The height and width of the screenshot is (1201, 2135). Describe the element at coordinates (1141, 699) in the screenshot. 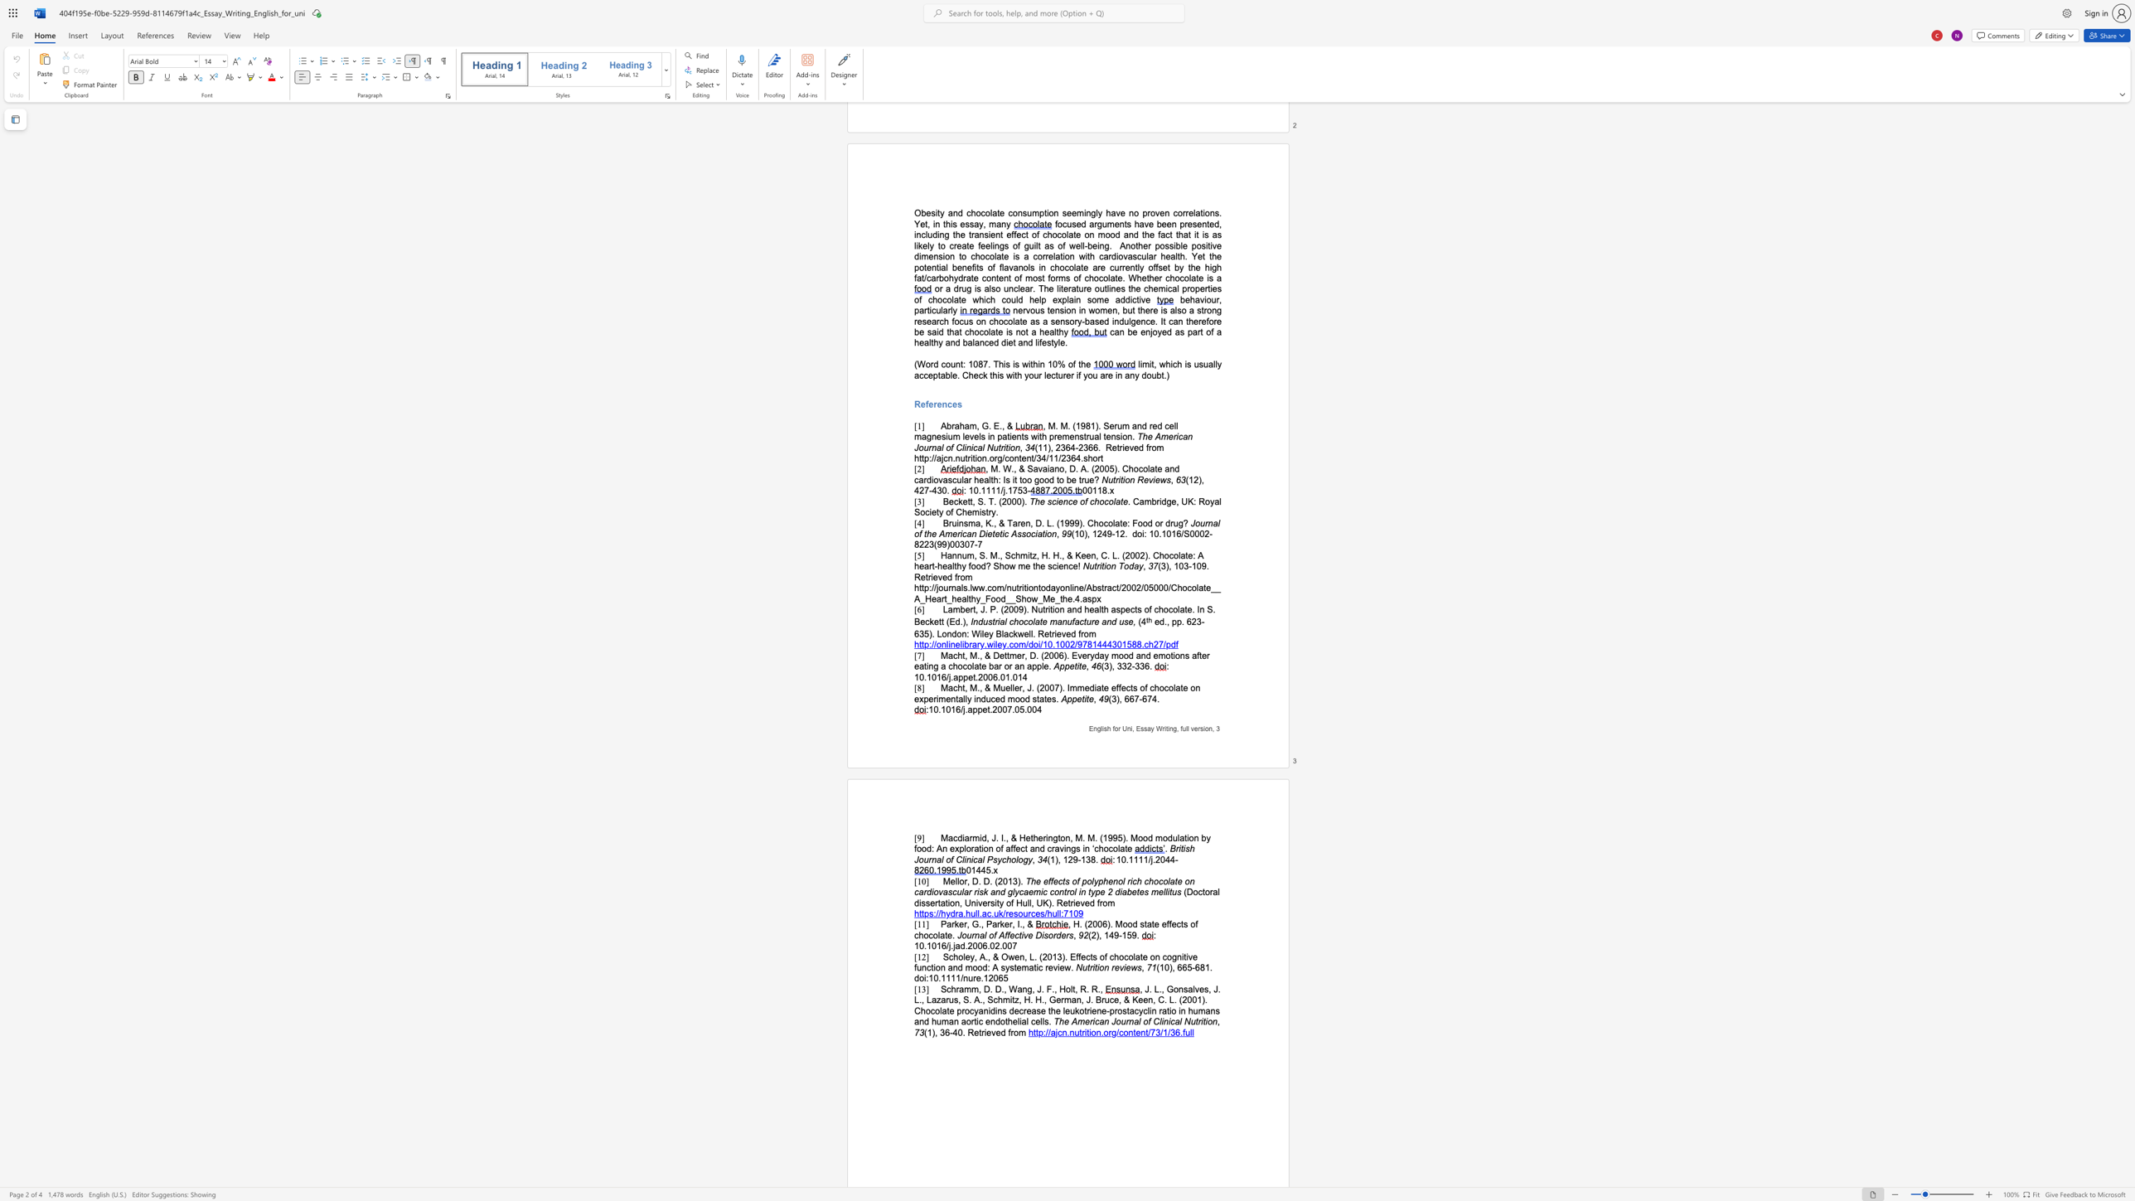

I see `the subset text "674" within the text "(3), 667-674."` at that location.